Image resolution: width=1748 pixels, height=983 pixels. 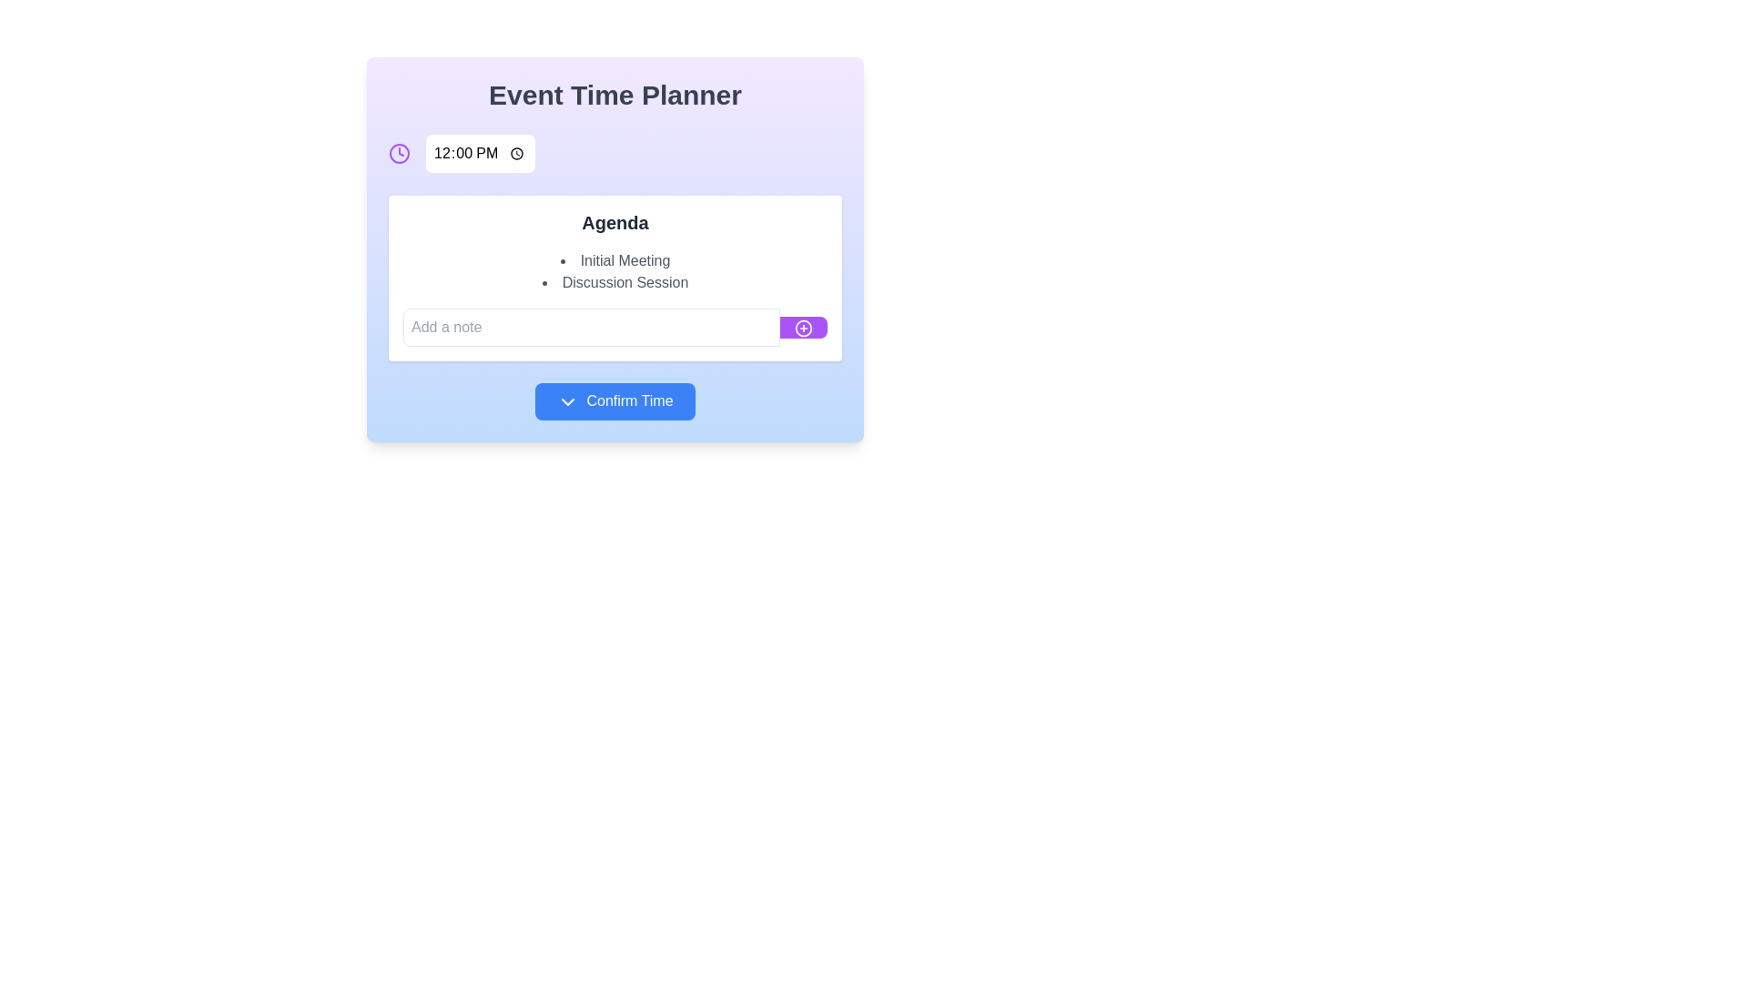 What do you see at coordinates (803, 326) in the screenshot?
I see `the 'Add a note' button located in the bottom right corner of the input field` at bounding box center [803, 326].